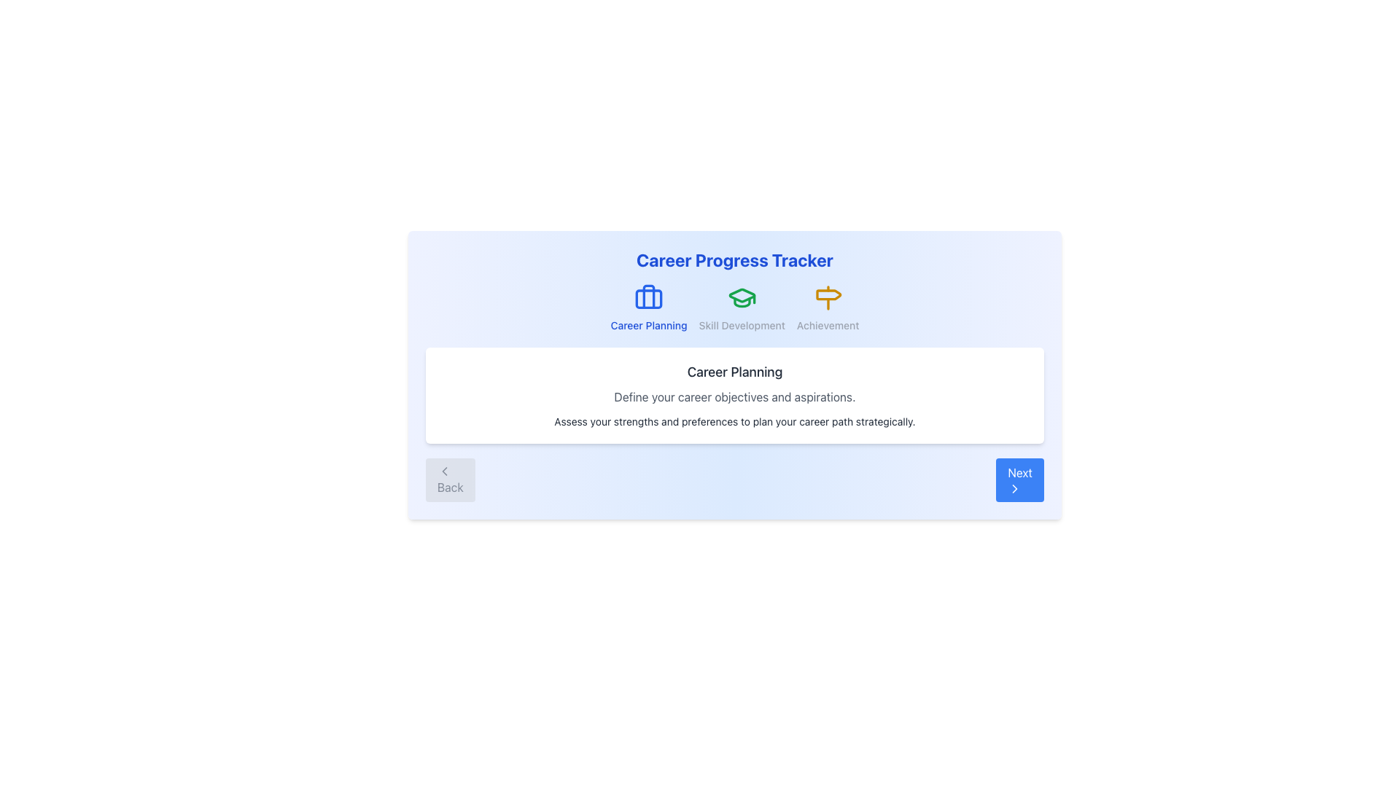 The width and height of the screenshot is (1400, 787). What do you see at coordinates (742, 325) in the screenshot?
I see `the middle text label in the navigation menu that indicates skill development, positioned between 'Career Planning' and 'Achievement', below a green graduation cap icon` at bounding box center [742, 325].